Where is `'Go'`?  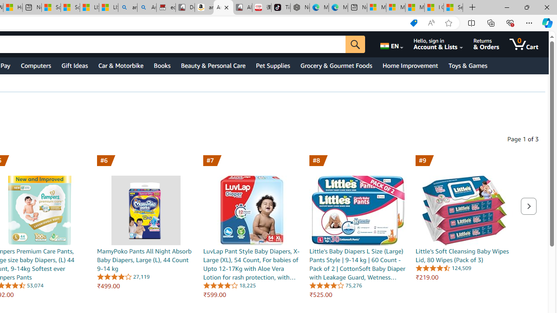
'Go' is located at coordinates (355, 44).